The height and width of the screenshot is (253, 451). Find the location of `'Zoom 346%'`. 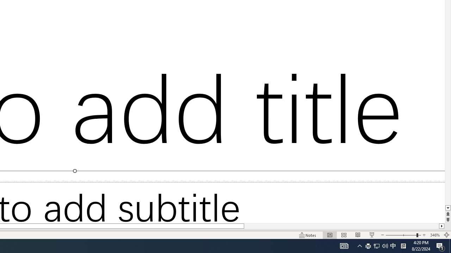

'Zoom 346%' is located at coordinates (434, 235).